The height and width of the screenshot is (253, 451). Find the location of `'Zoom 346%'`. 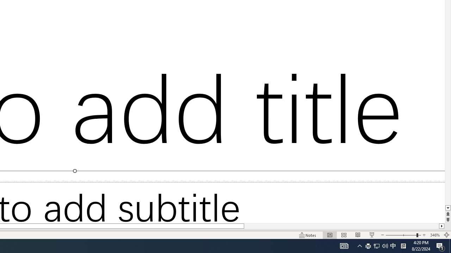

'Zoom 346%' is located at coordinates (434, 235).